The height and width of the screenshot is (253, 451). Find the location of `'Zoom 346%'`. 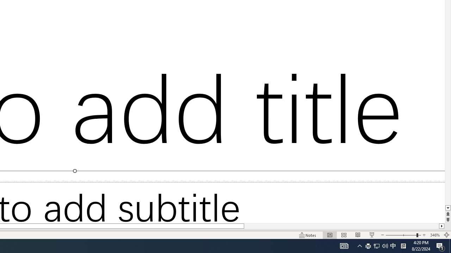

'Zoom 346%' is located at coordinates (434, 235).